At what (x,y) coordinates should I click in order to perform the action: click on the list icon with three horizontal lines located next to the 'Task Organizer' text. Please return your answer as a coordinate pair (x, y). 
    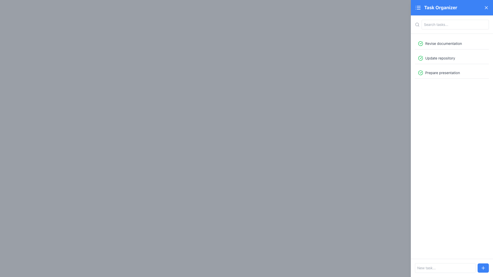
    Looking at the image, I should click on (418, 8).